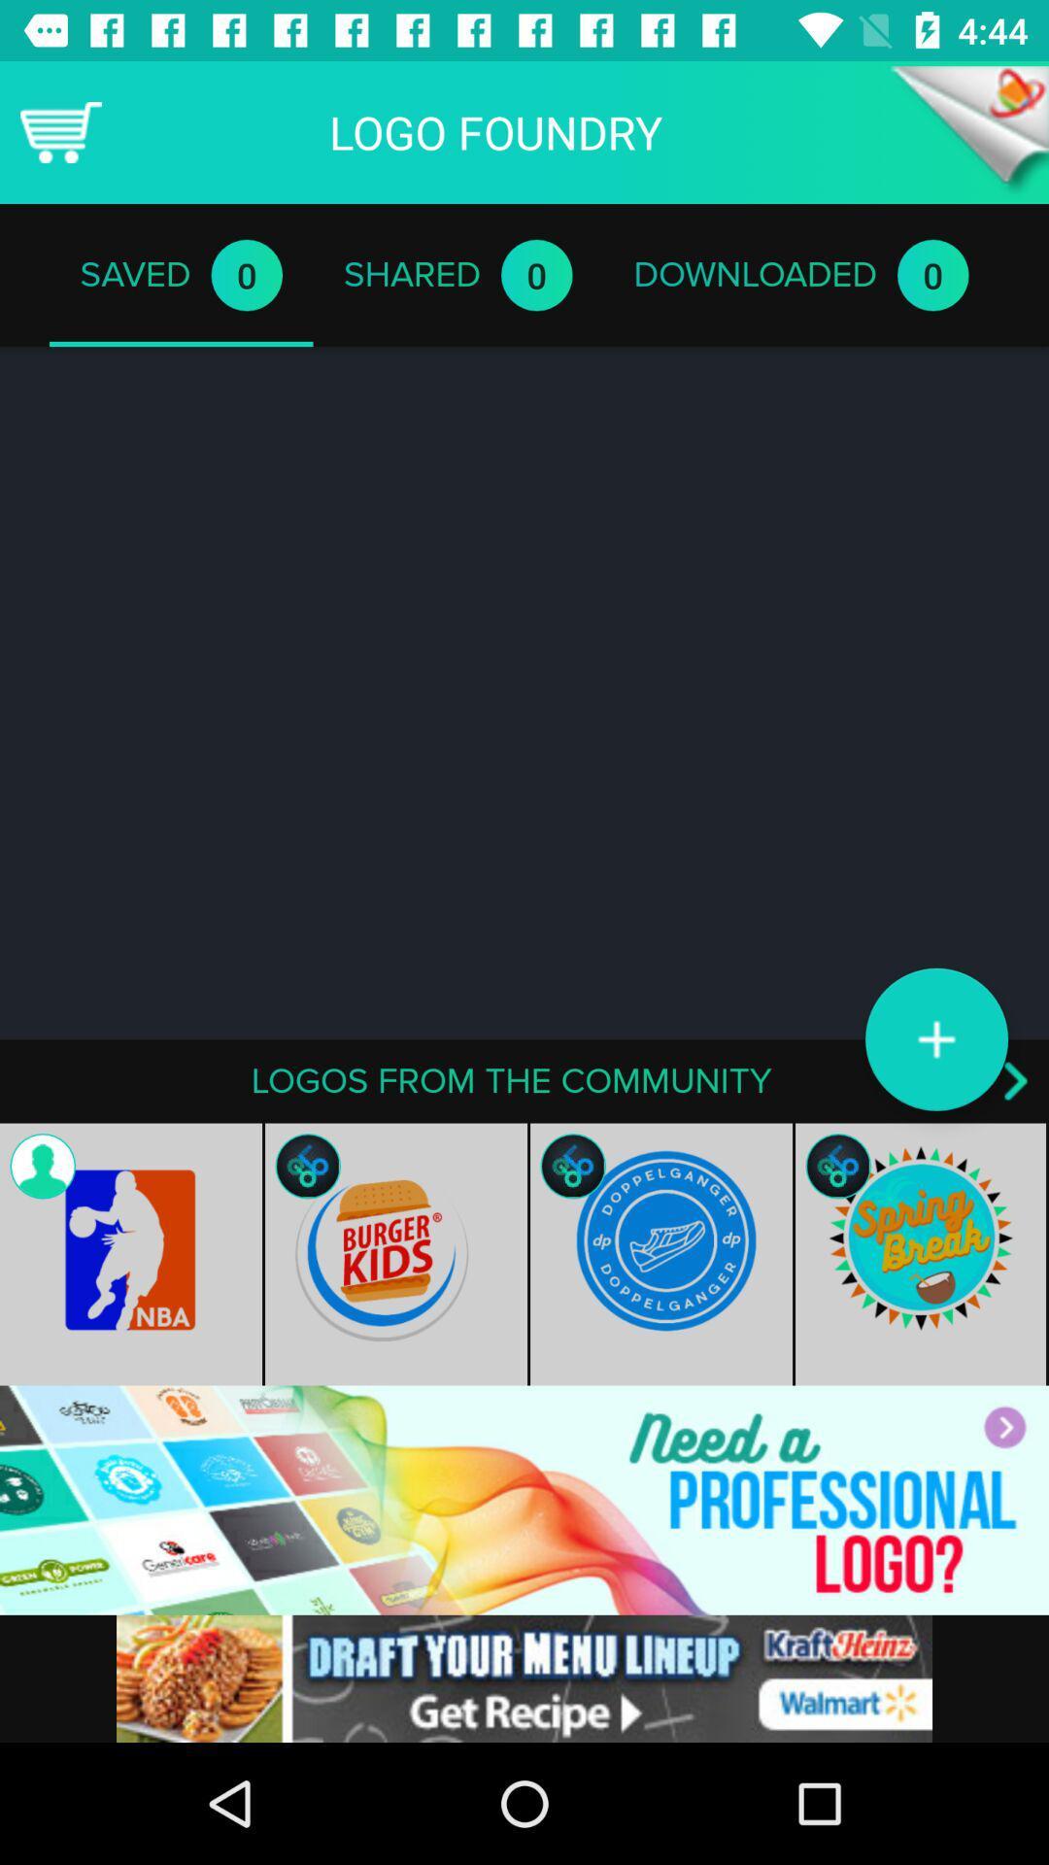 The height and width of the screenshot is (1865, 1049). I want to click on sopping symbol, so click(59, 131).